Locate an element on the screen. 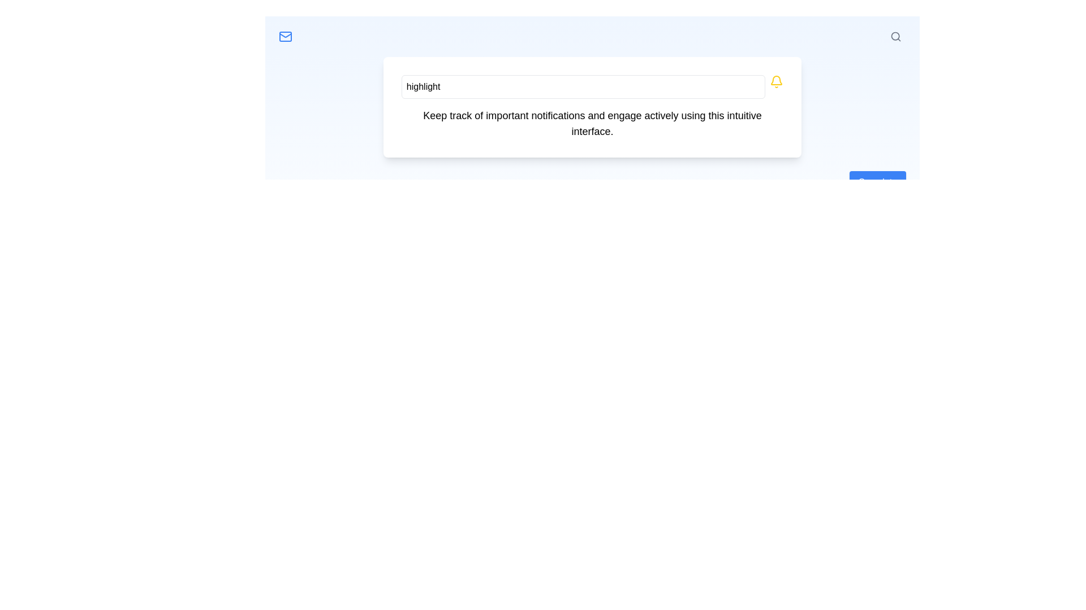 The image size is (1086, 610). the decorative graphical element, which is a rectangle within an envelope-like icon located near the top-left corner of the interface is located at coordinates (285, 36).